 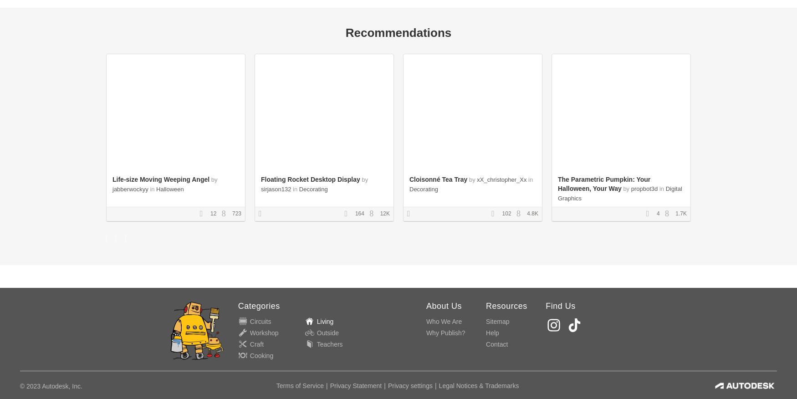 I want to click on 'Outside', so click(x=327, y=333).